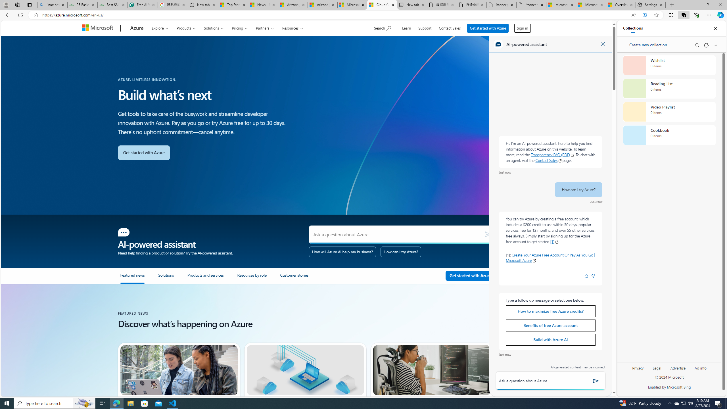 This screenshot has height=409, width=727. I want to click on 'Contact Sales Opens in a new window; external.', so click(548, 160).